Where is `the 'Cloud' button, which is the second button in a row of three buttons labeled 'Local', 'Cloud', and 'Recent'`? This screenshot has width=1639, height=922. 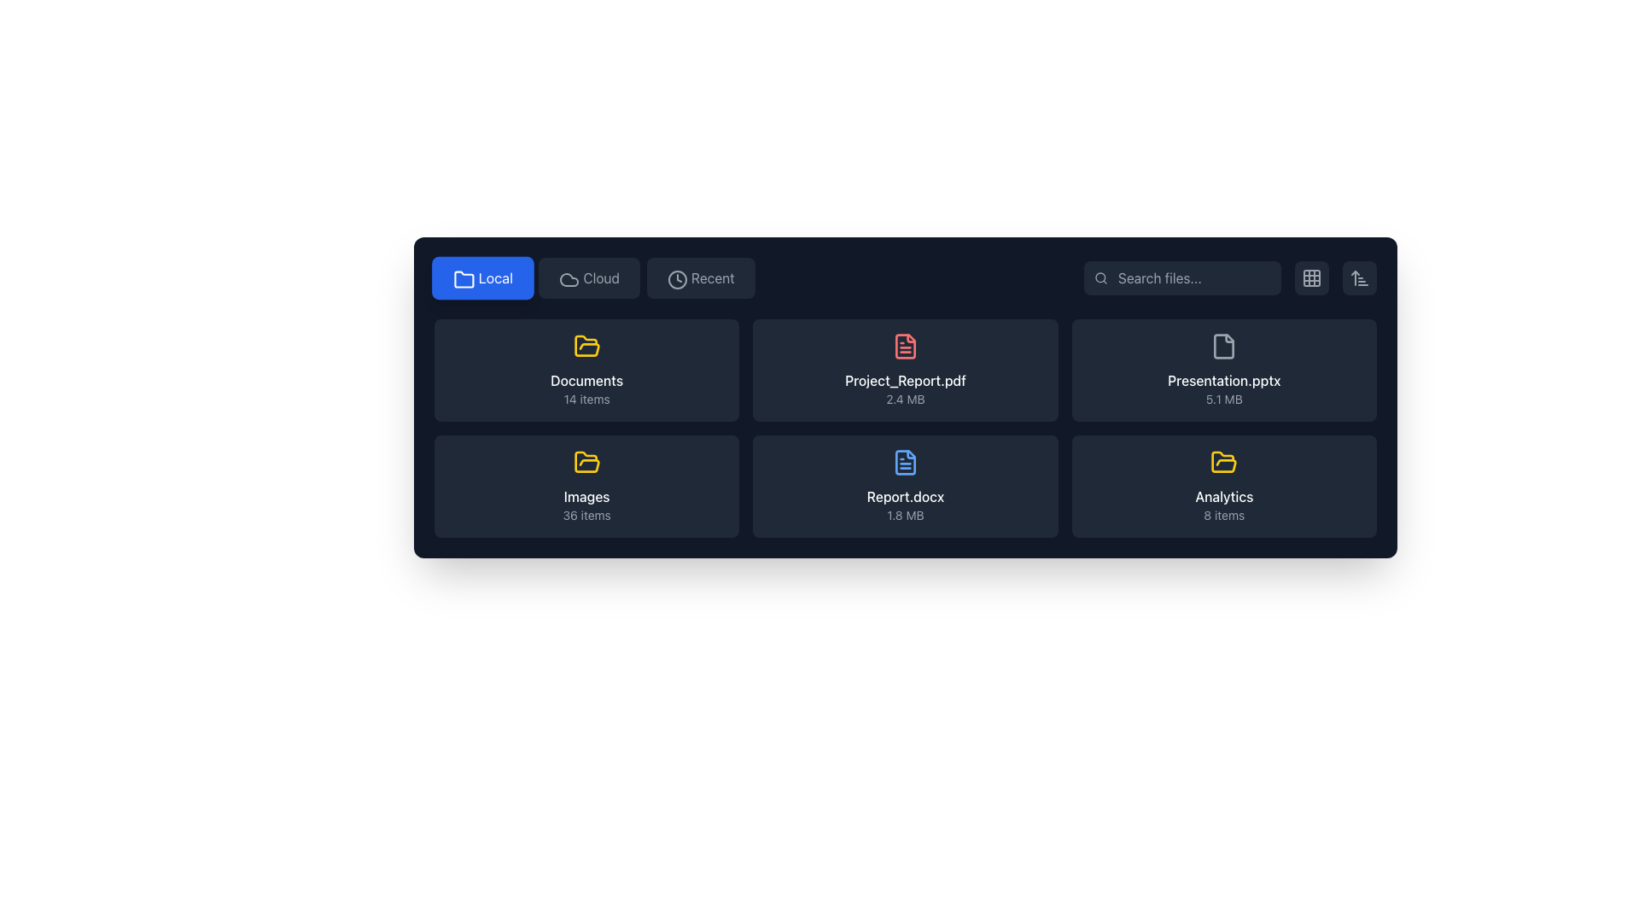 the 'Cloud' button, which is the second button in a row of three buttons labeled 'Local', 'Cloud', and 'Recent' is located at coordinates (594, 277).